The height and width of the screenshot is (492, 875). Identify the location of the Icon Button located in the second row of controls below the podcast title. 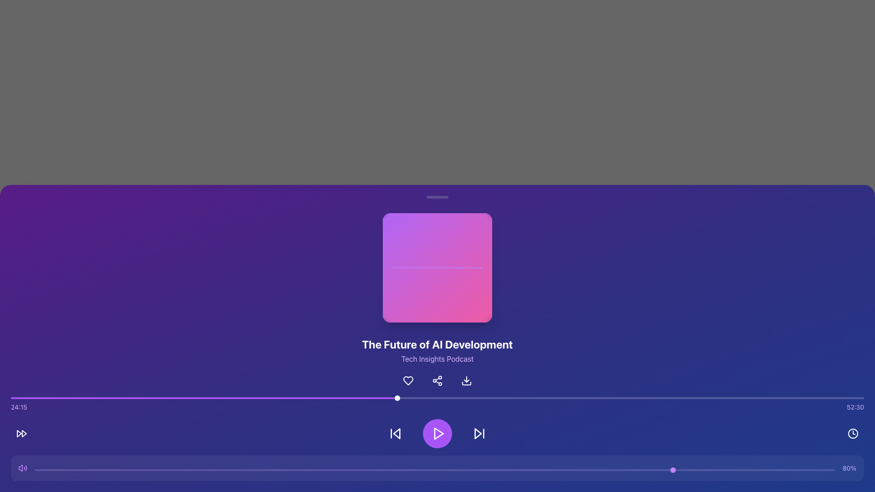
(408, 381).